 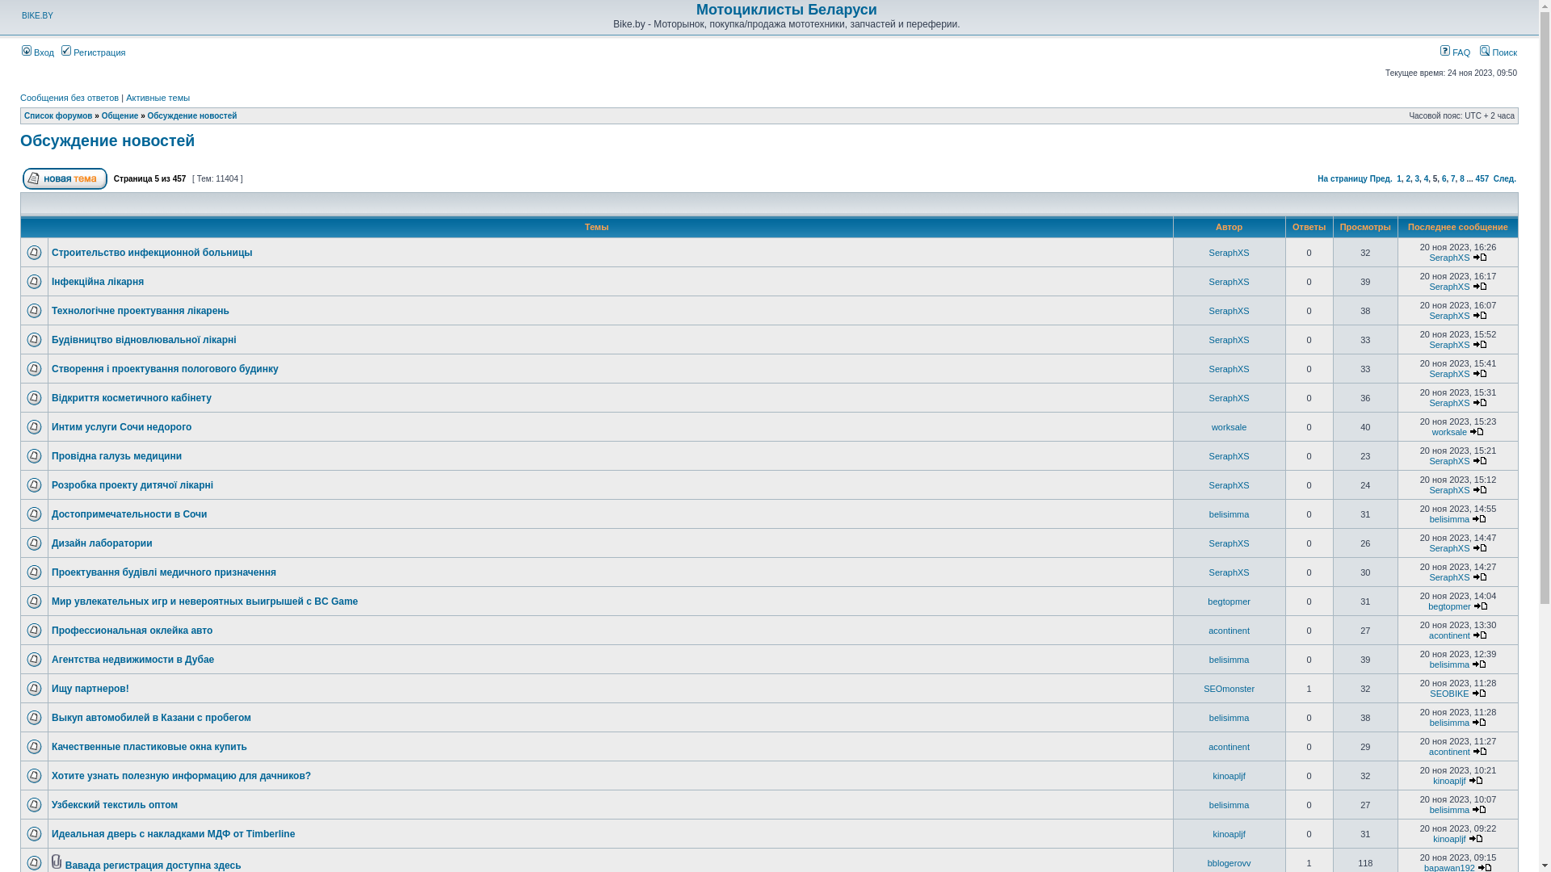 What do you see at coordinates (1444, 178) in the screenshot?
I see `'6'` at bounding box center [1444, 178].